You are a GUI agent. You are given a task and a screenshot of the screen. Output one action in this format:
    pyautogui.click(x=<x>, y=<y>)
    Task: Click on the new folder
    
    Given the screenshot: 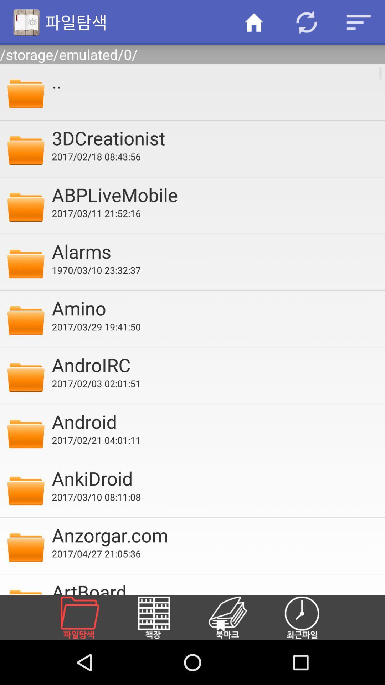 What is the action you would take?
    pyautogui.click(x=88, y=617)
    